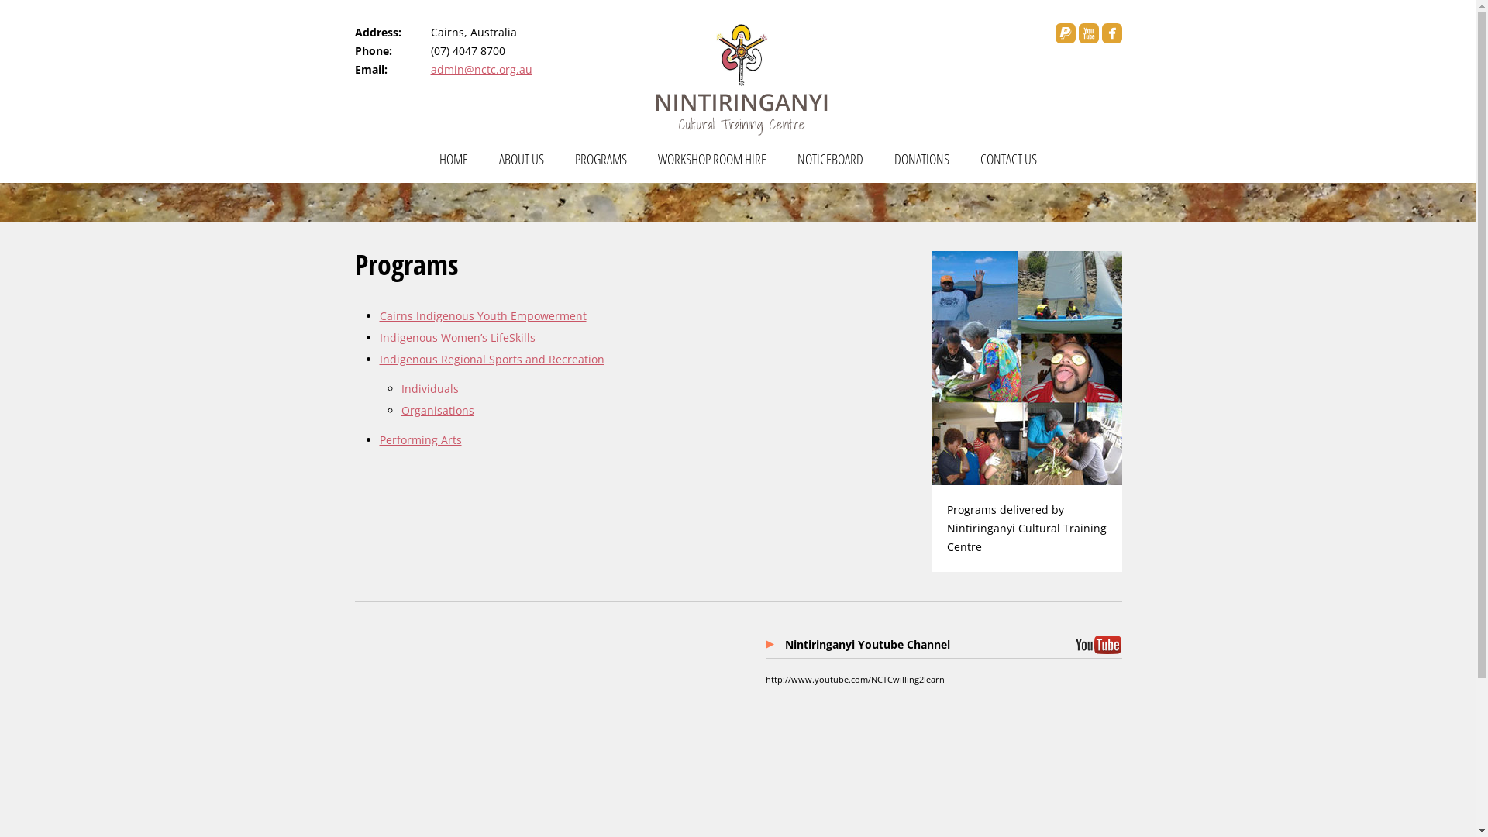 This screenshot has height=837, width=1488. Describe the element at coordinates (480, 68) in the screenshot. I see `'admin@nctc.org.au'` at that location.